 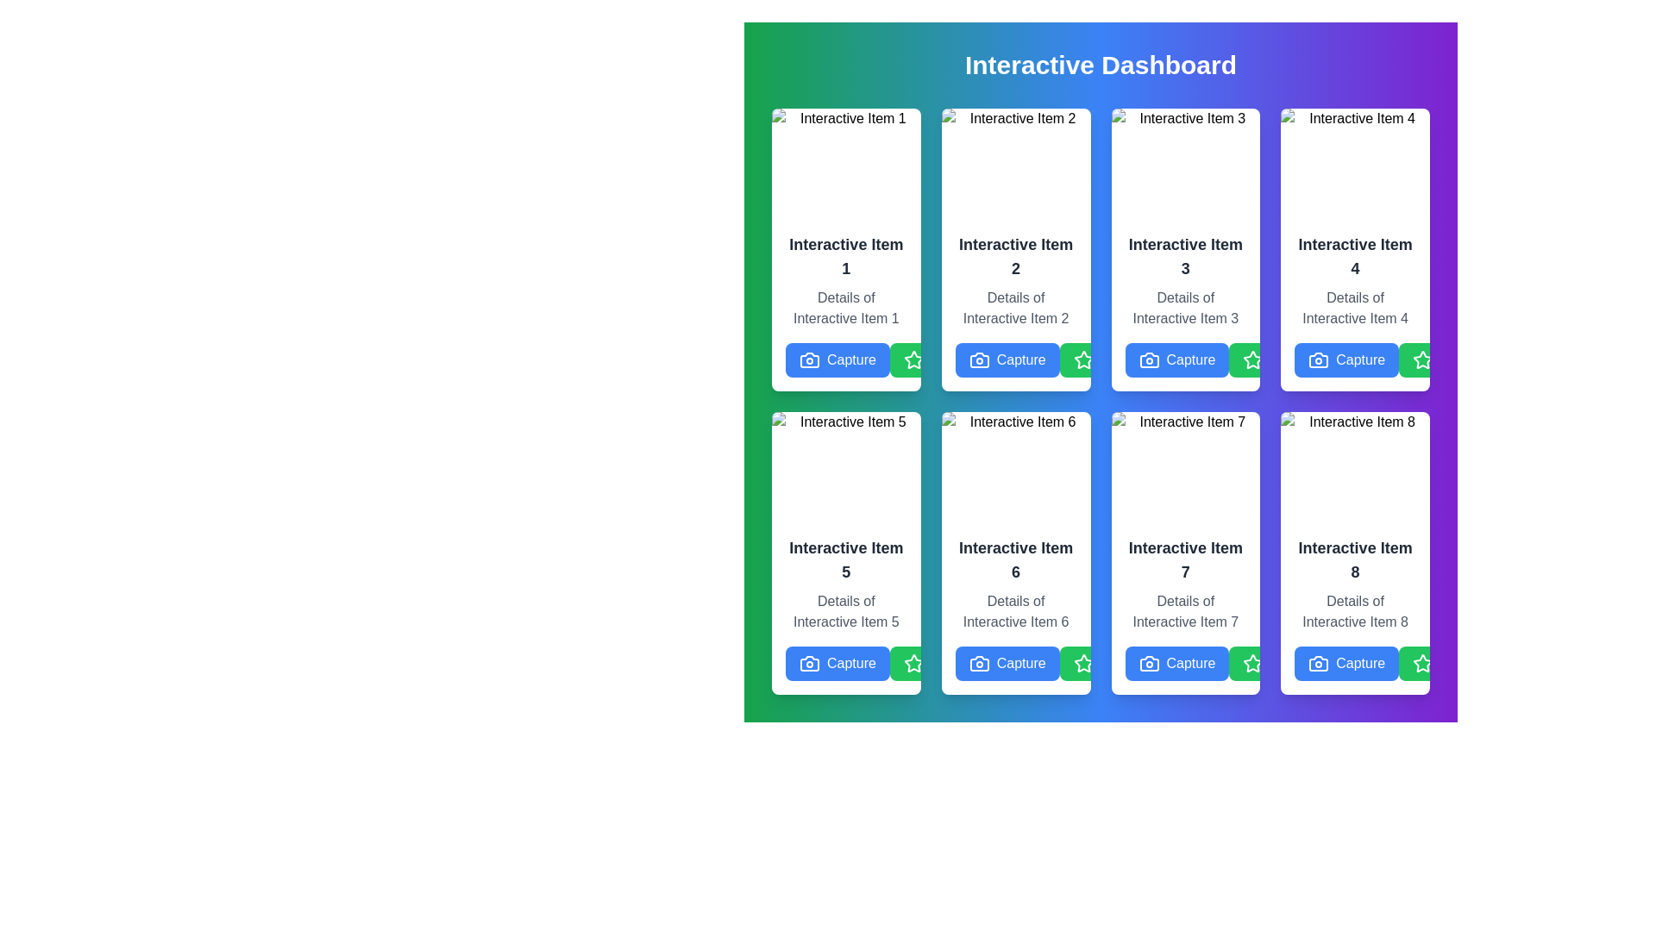 What do you see at coordinates (1016, 308) in the screenshot?
I see `the descriptive text element styled in a smaller, muted gray font that reads 'Details of Interactive Item 2', located below the heading 'Interactive Item 2' and above the 'Capture' button` at bounding box center [1016, 308].